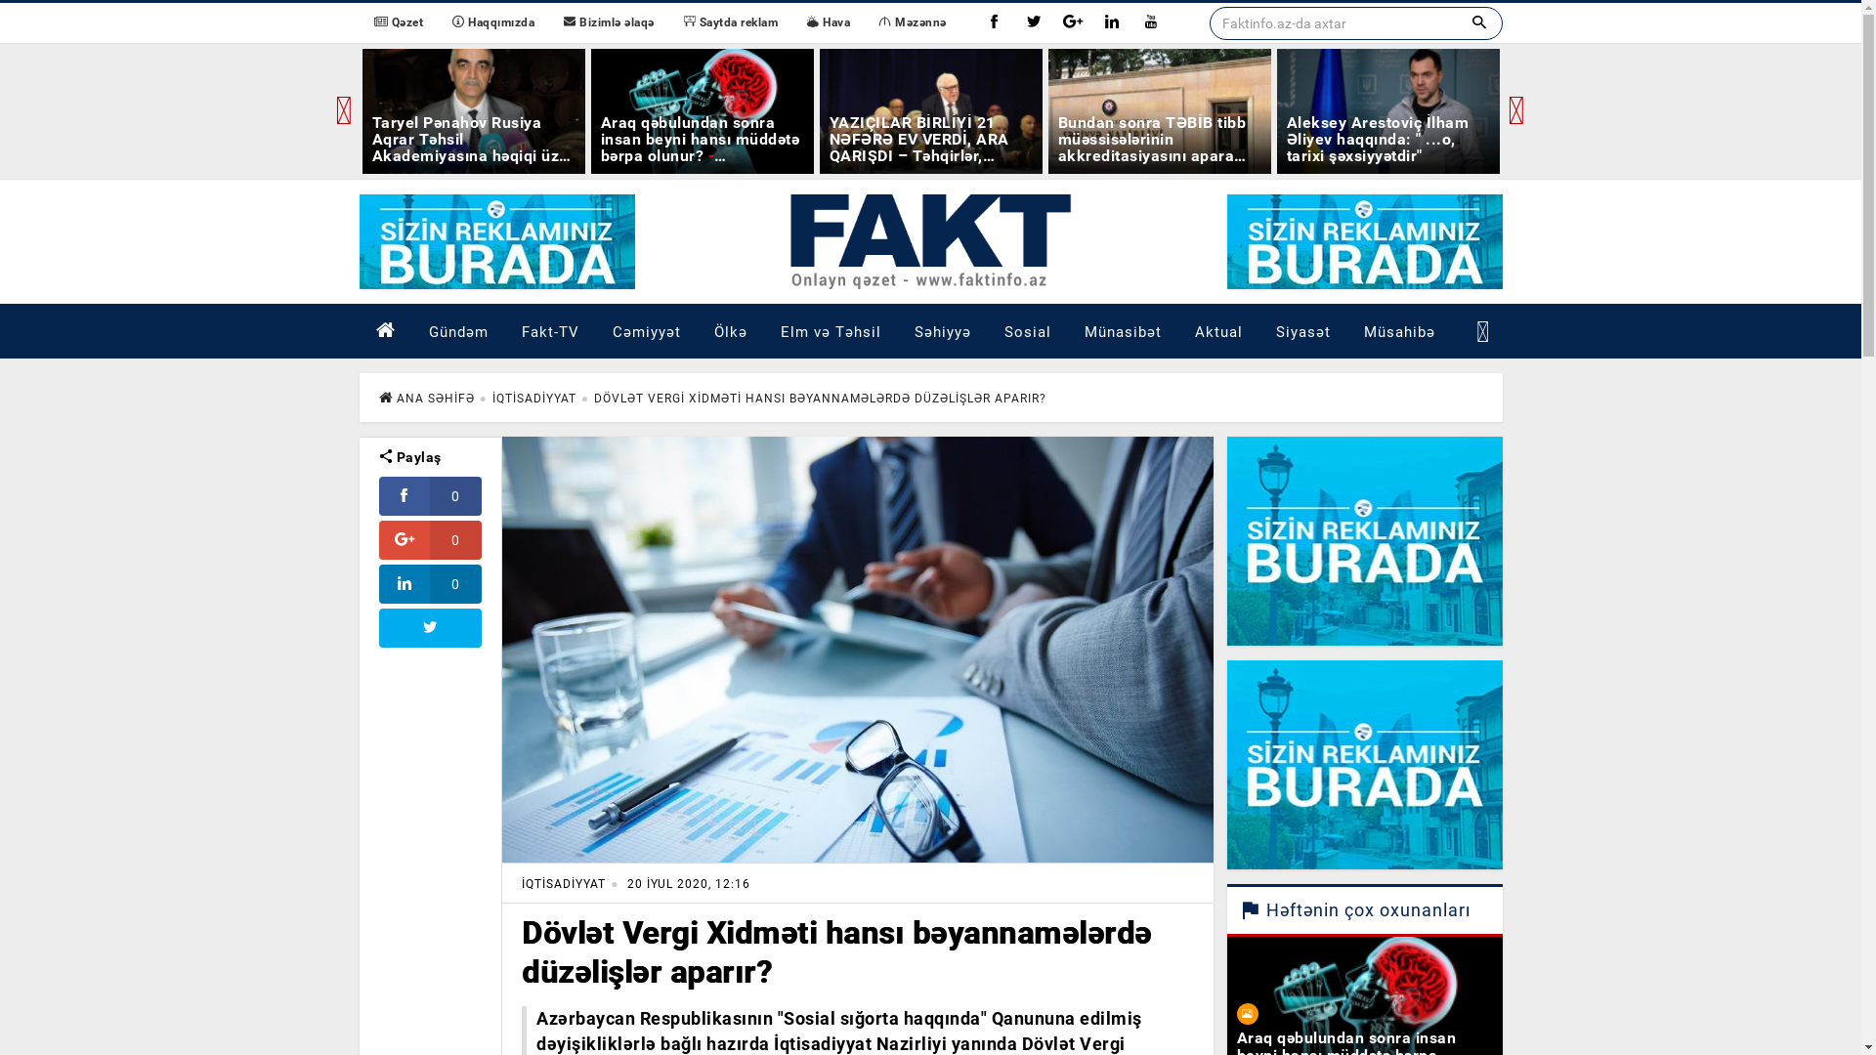 This screenshot has height=1055, width=1876. What do you see at coordinates (928, 240) in the screenshot?
I see `'Faktinfo.az'` at bounding box center [928, 240].